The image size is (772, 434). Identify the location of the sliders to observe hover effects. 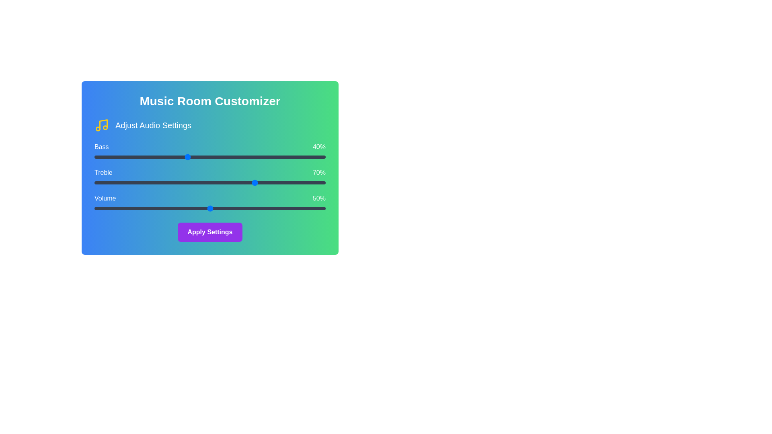
(210, 157).